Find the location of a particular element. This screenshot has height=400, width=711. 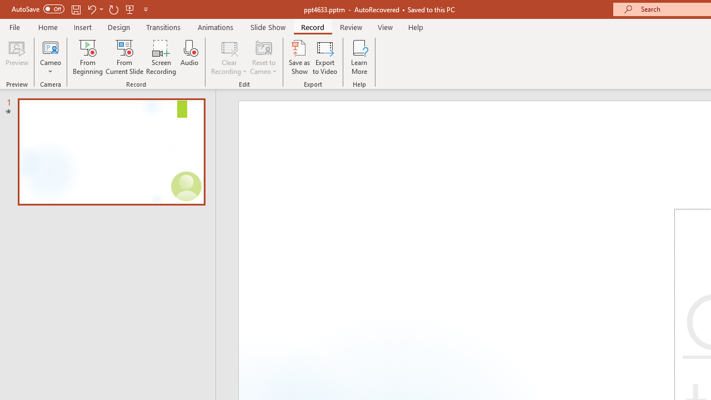

'From Current Slide...' is located at coordinates (124, 57).